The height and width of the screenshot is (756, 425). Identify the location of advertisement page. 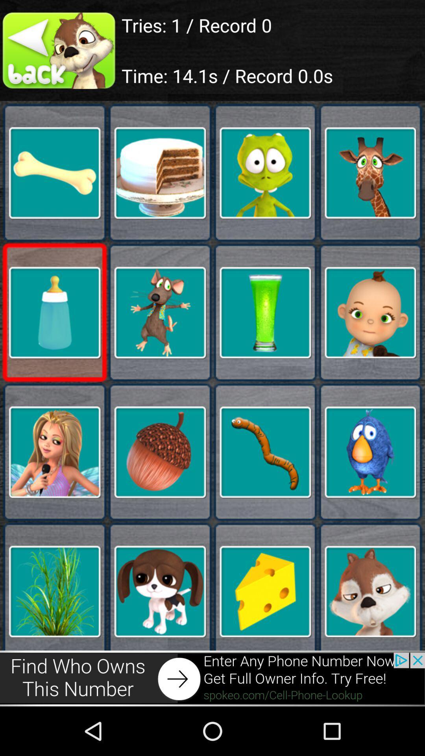
(213, 678).